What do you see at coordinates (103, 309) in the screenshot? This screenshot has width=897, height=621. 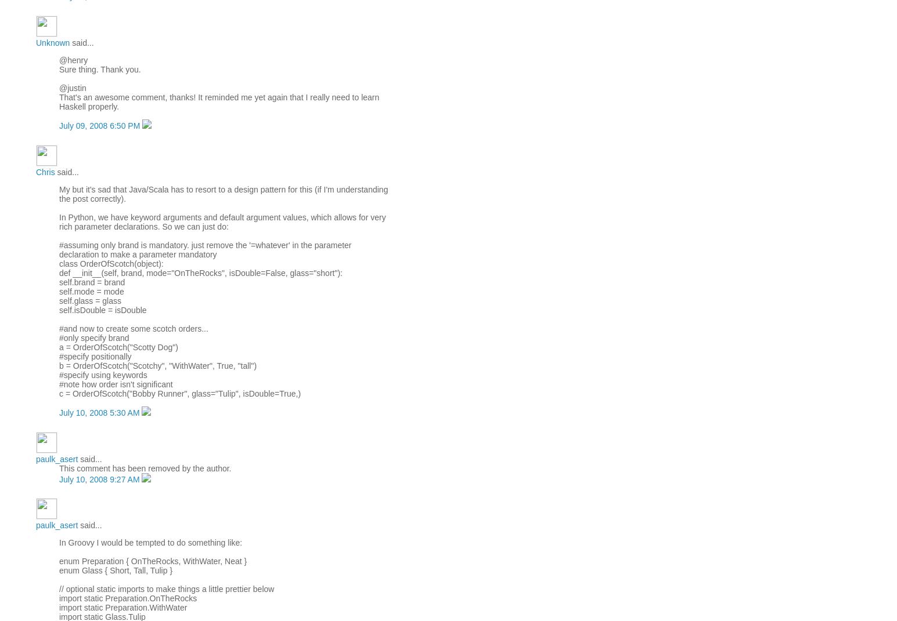 I see `'self.isDouble = isDouble'` at bounding box center [103, 309].